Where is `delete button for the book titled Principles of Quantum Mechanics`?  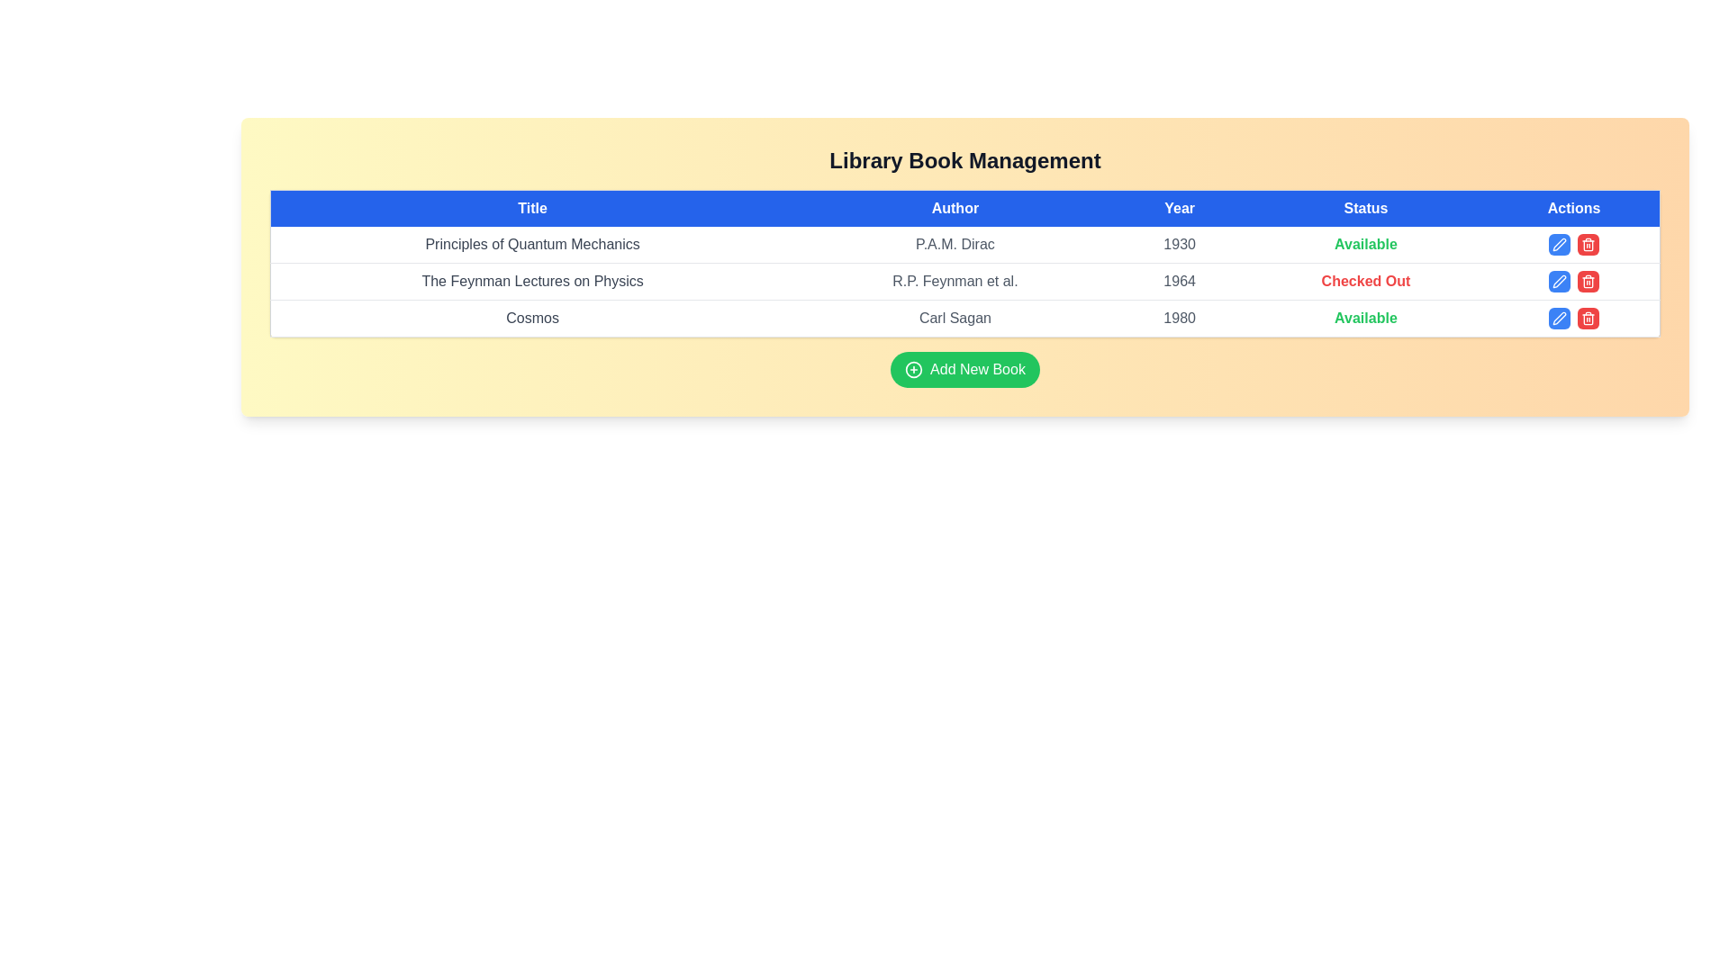
delete button for the book titled Principles of Quantum Mechanics is located at coordinates (1589, 245).